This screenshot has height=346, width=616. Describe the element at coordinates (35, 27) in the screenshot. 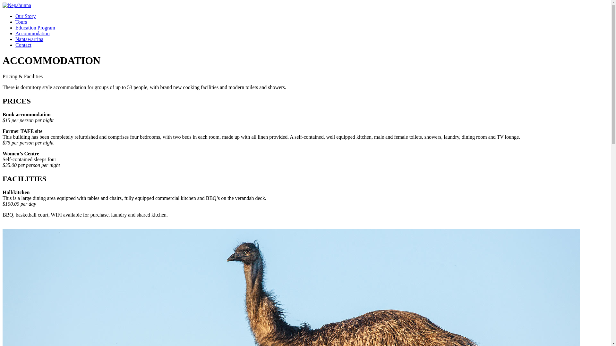

I see `'Education Program'` at that location.